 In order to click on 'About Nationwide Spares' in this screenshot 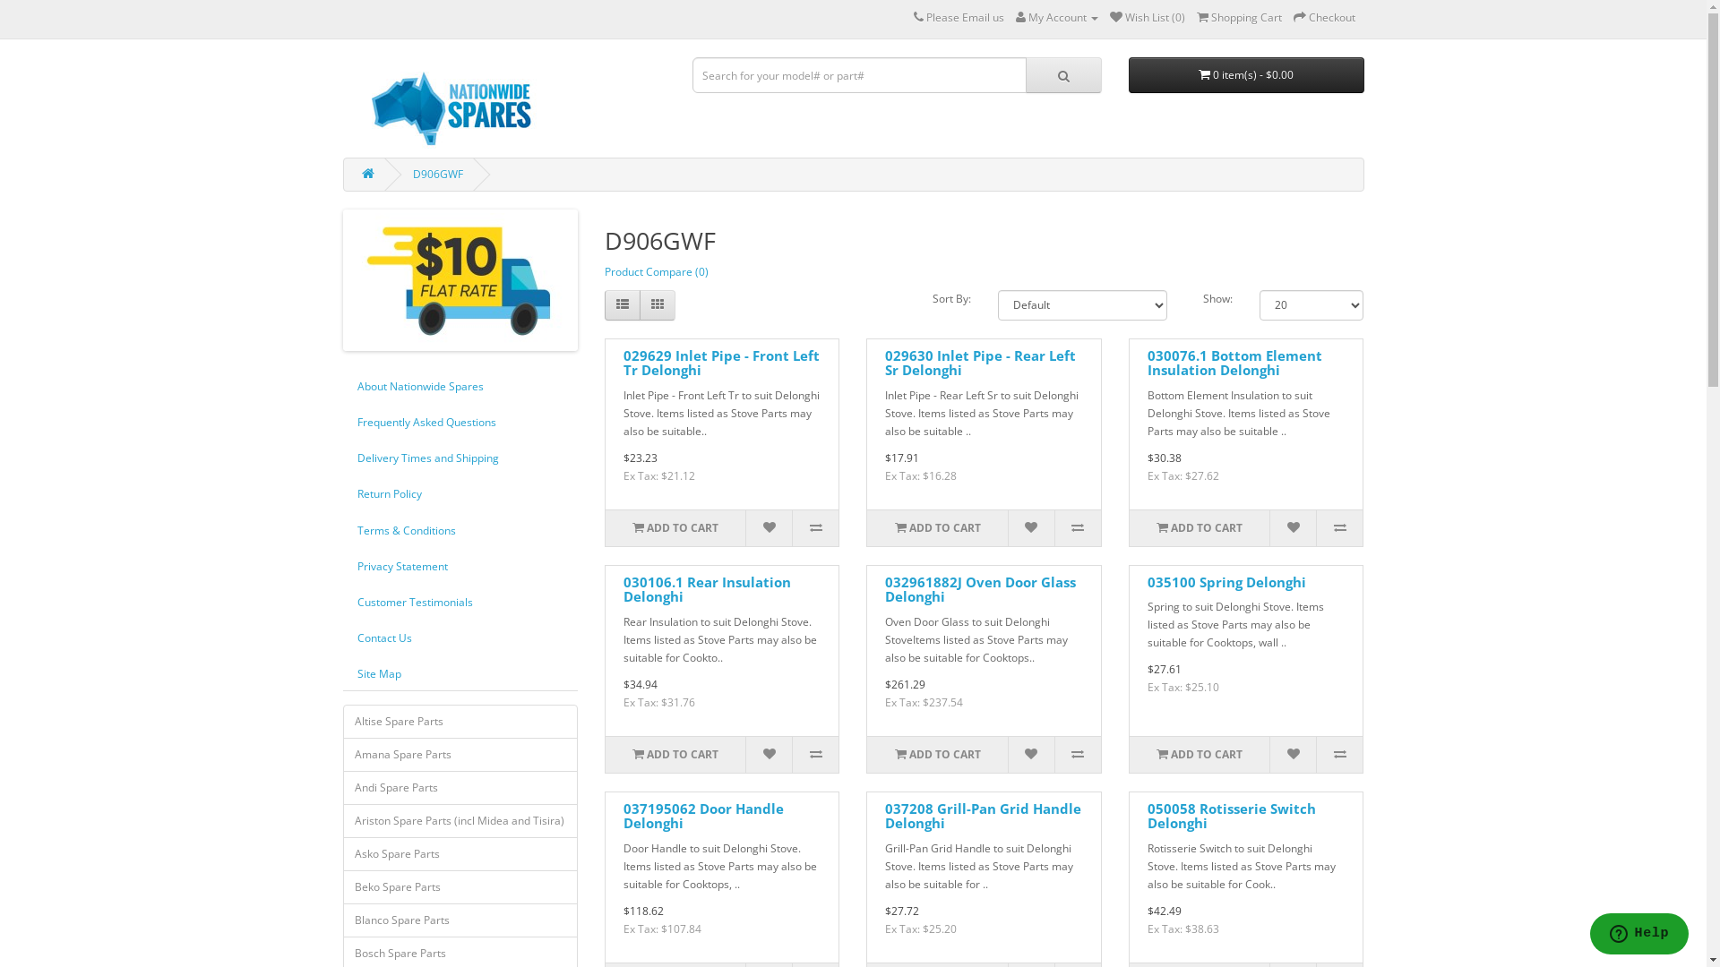, I will do `click(342, 385)`.